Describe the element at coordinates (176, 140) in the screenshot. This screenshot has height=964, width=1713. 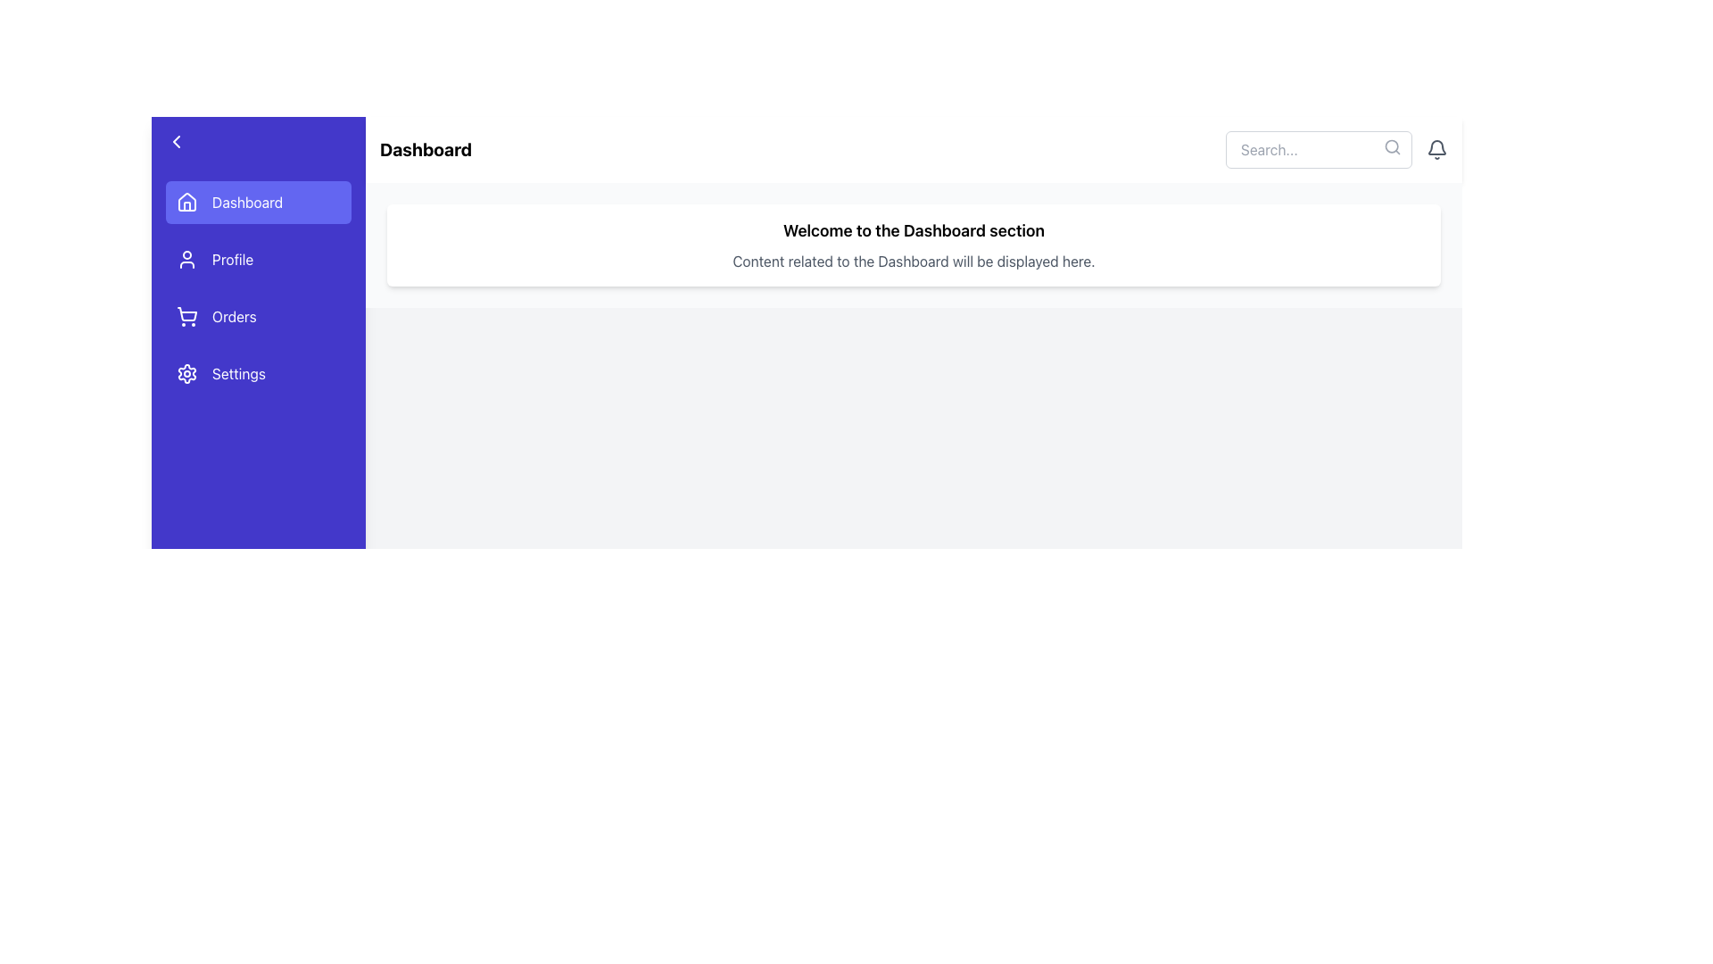
I see `the chevron icon located at the top-left edge of the blue sidebar, which is used for navigation purposes, by clicking on it` at that location.